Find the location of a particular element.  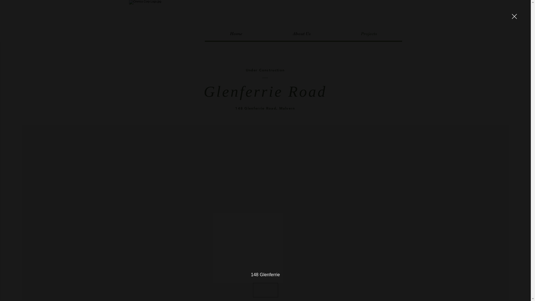

'Projects' is located at coordinates (369, 33).